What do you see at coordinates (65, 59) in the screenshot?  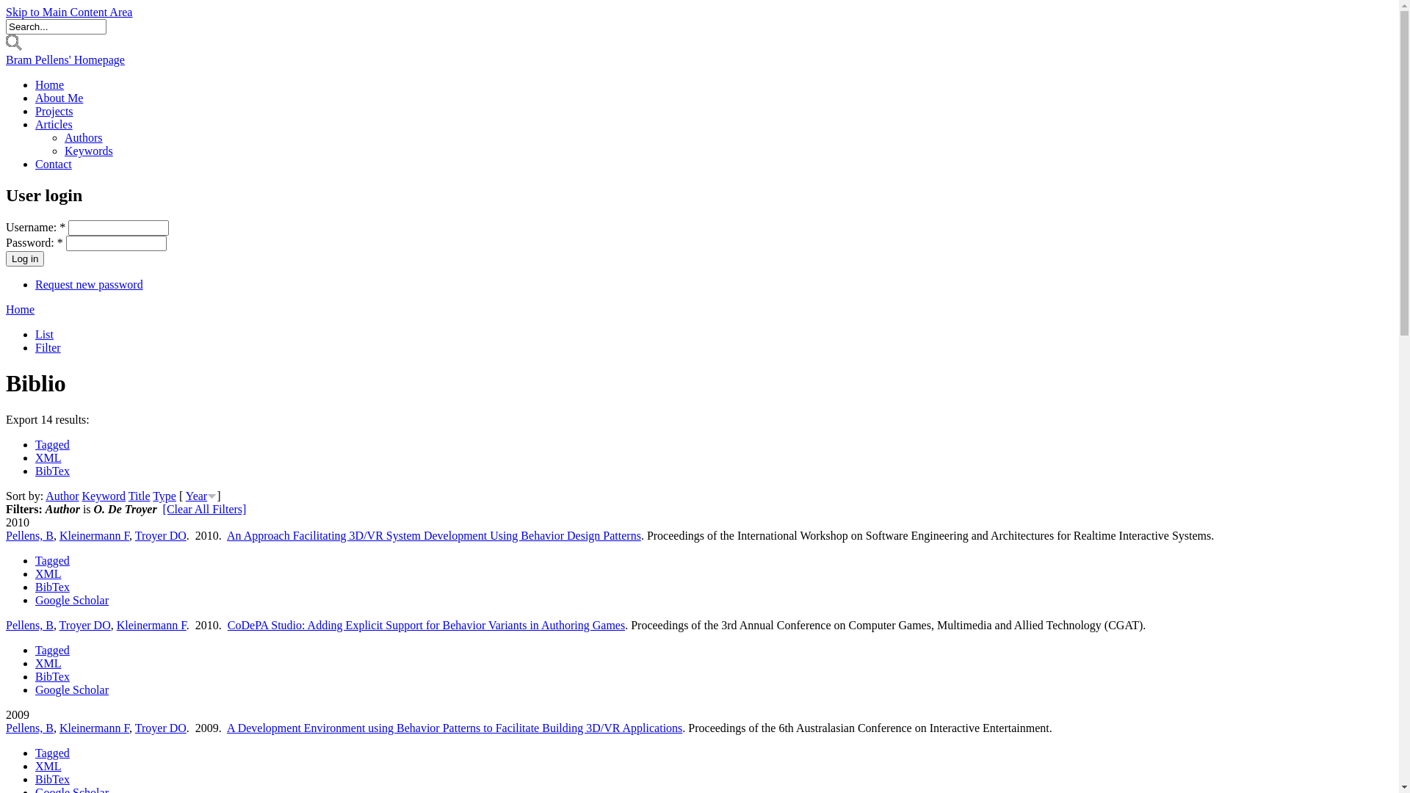 I see `'Bram Pellens' Homepage'` at bounding box center [65, 59].